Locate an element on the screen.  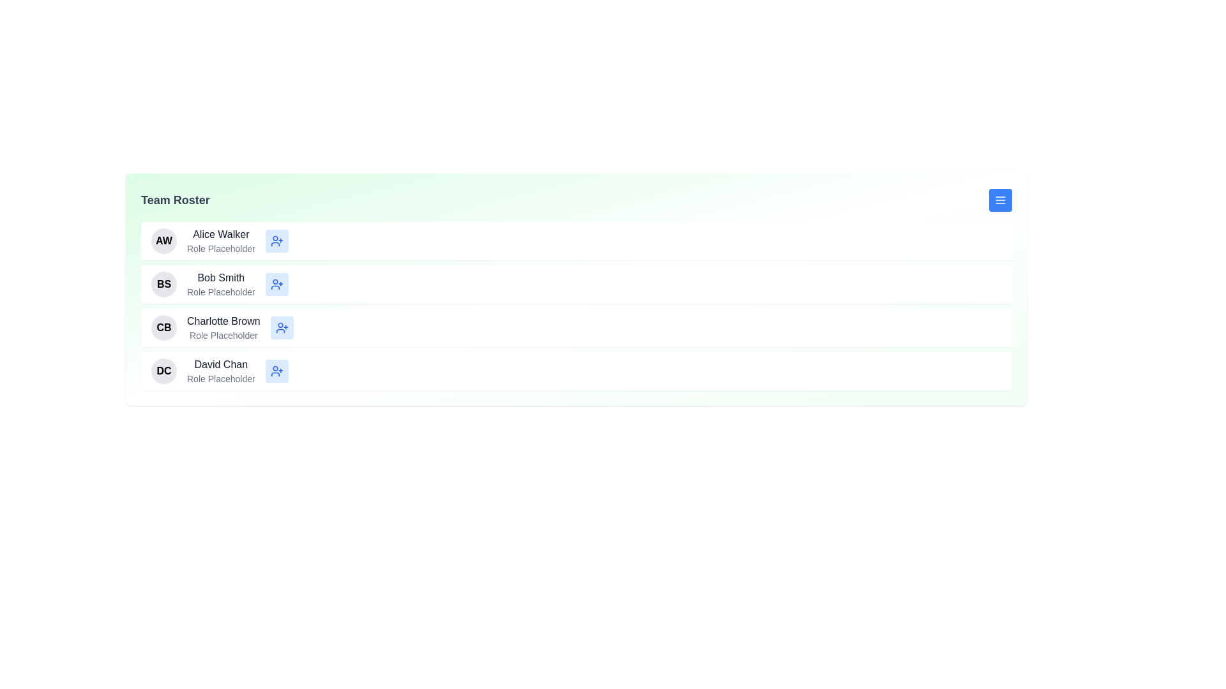
metadata of the text displaying 'Role Placeholder', which is a small, gray font located directly below 'Bob Smith' in the second row of the roster is located at coordinates (221, 292).